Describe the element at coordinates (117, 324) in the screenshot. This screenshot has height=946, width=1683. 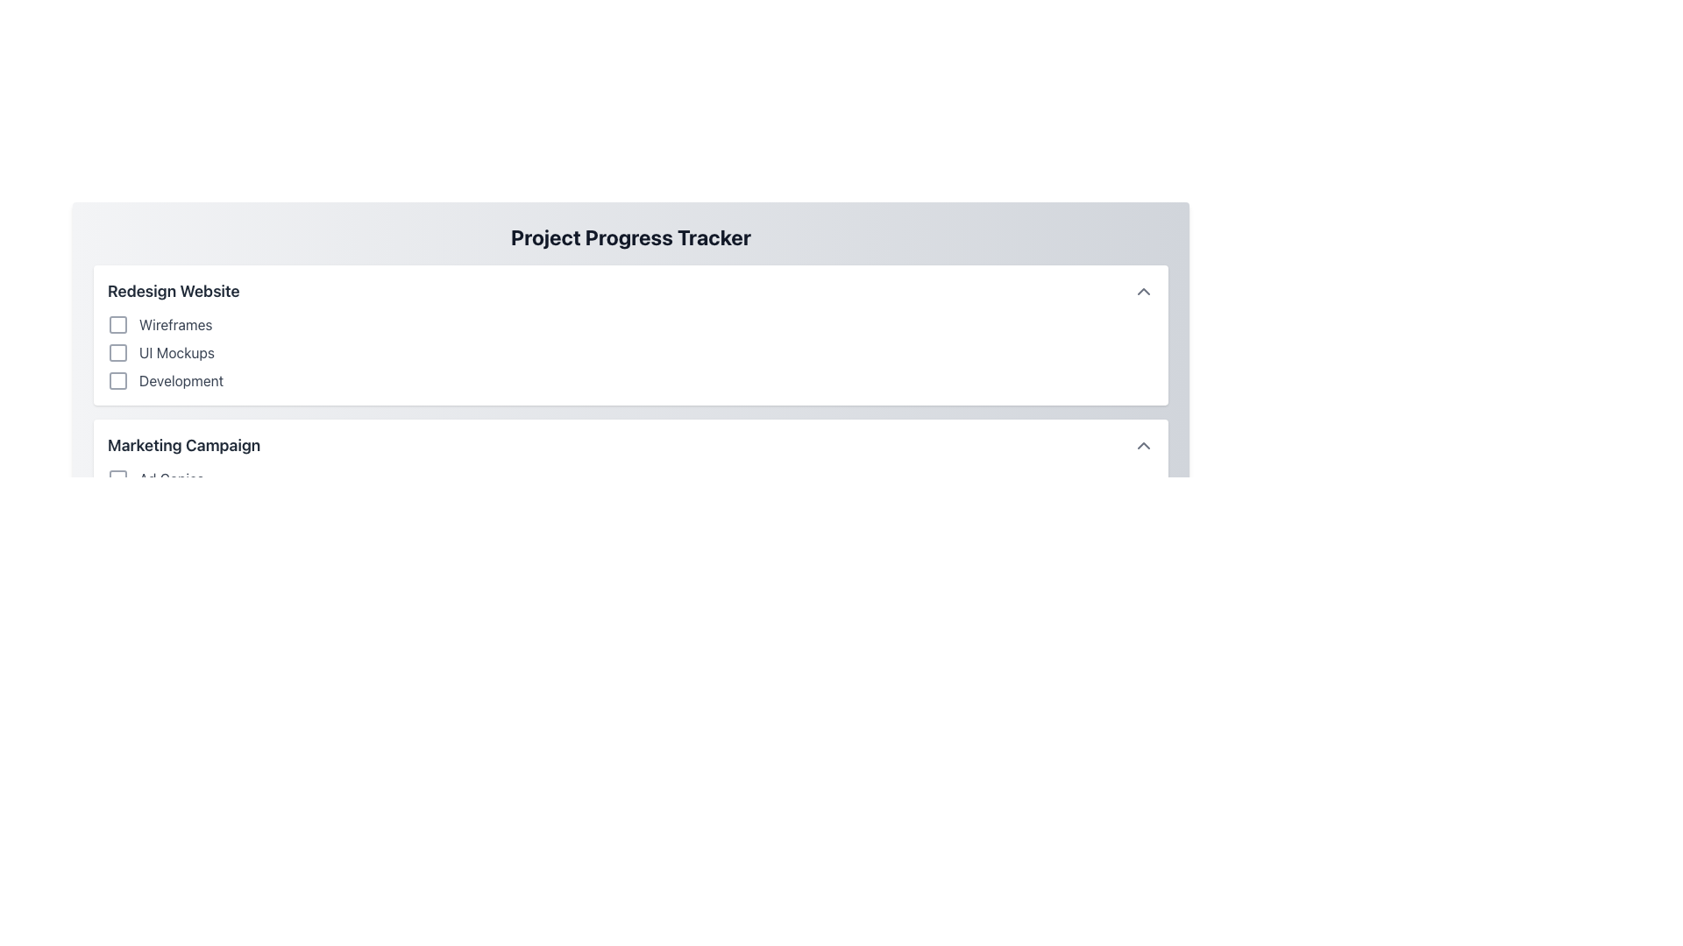
I see `the checkbox located to the left of the text 'Wireframes' in the 'Redesign Website' section` at that location.